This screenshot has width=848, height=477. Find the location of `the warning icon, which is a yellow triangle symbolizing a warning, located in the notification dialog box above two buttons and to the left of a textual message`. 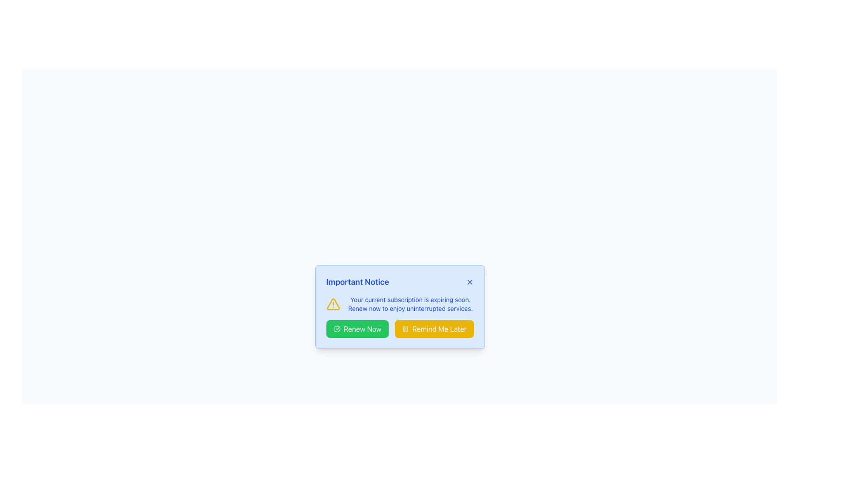

the warning icon, which is a yellow triangle symbolizing a warning, located in the notification dialog box above two buttons and to the left of a textual message is located at coordinates (333, 304).